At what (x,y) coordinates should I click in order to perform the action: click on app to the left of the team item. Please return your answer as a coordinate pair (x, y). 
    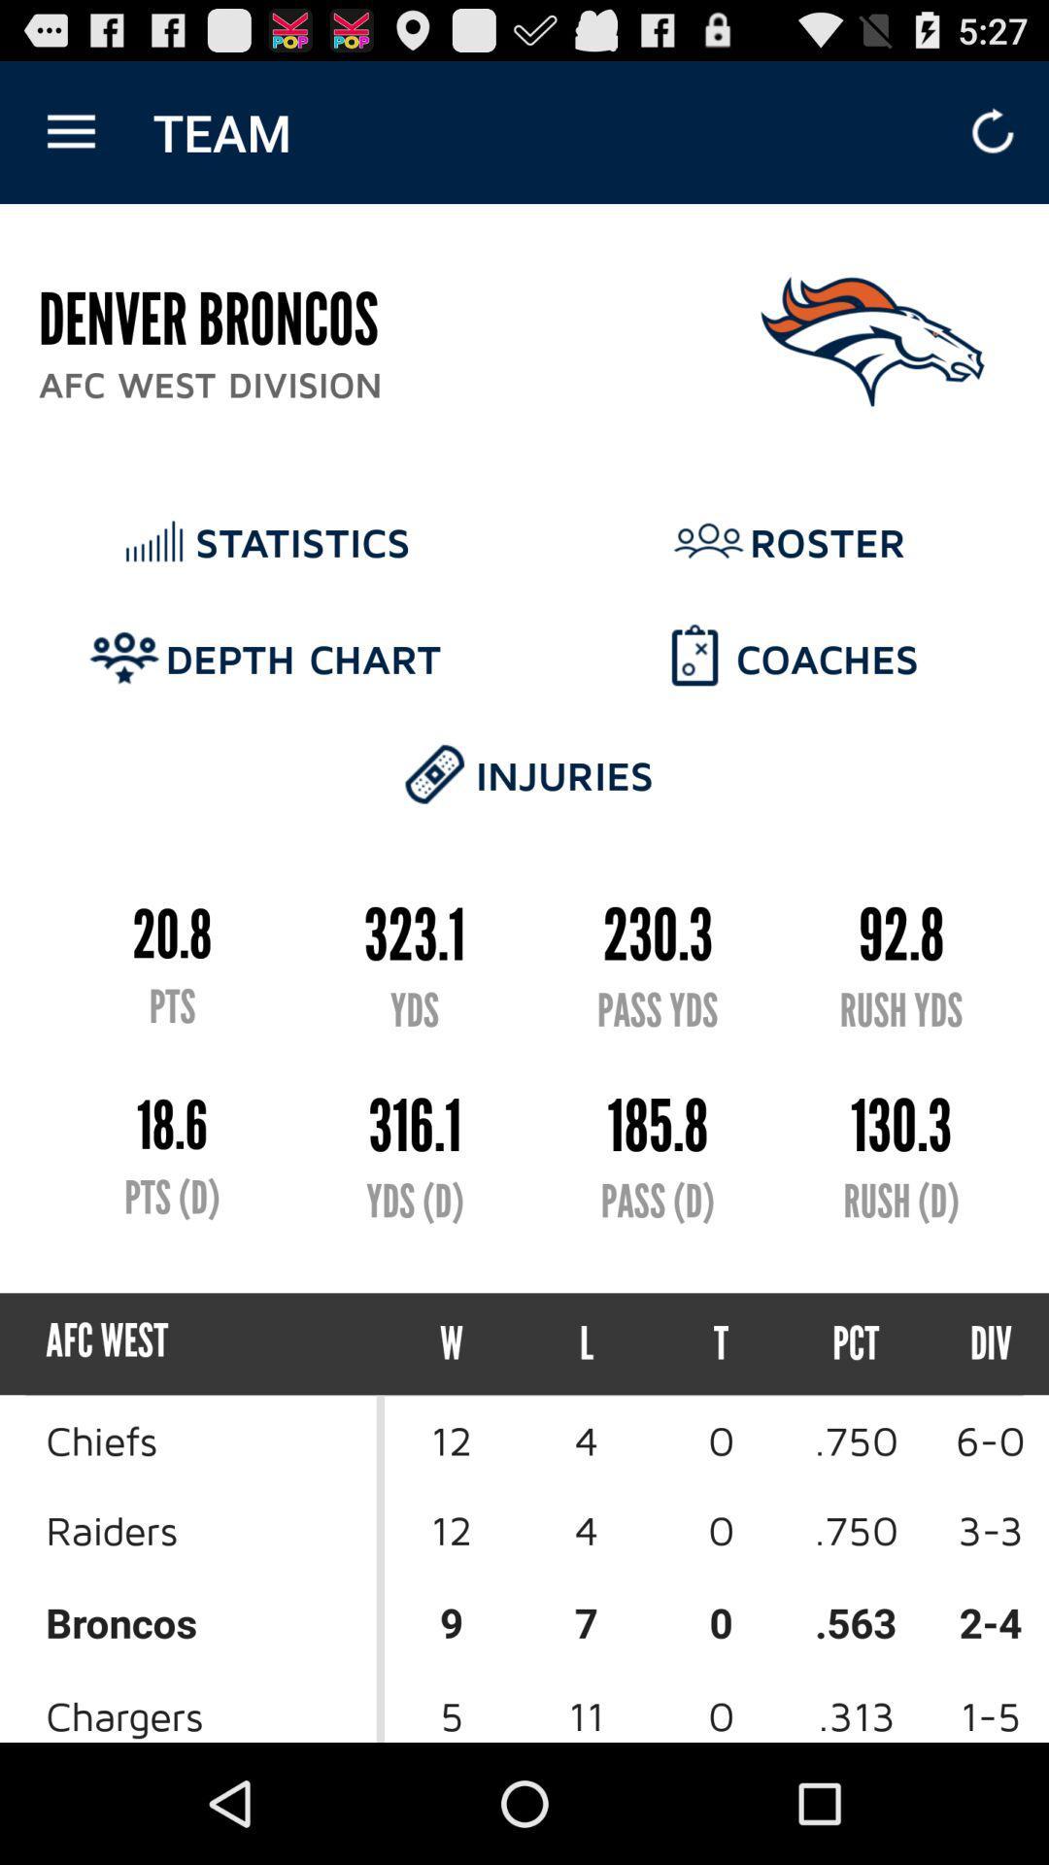
    Looking at the image, I should click on (70, 131).